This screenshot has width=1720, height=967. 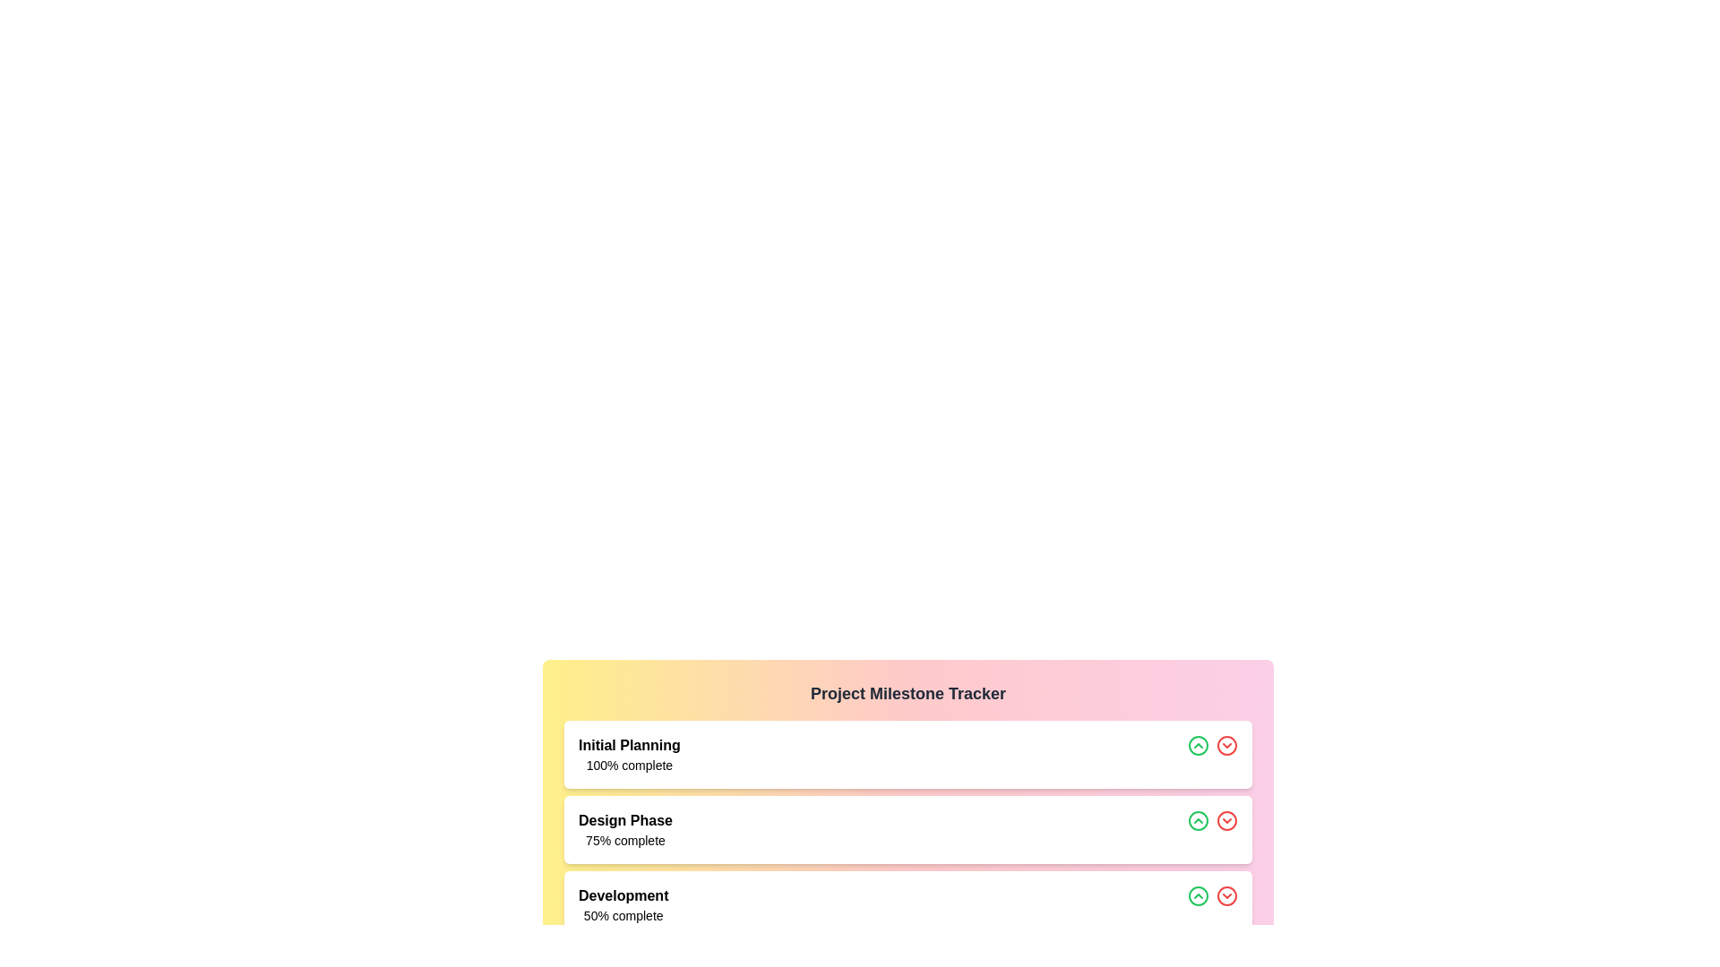 I want to click on the text label displaying 'Development', so click(x=623, y=896).